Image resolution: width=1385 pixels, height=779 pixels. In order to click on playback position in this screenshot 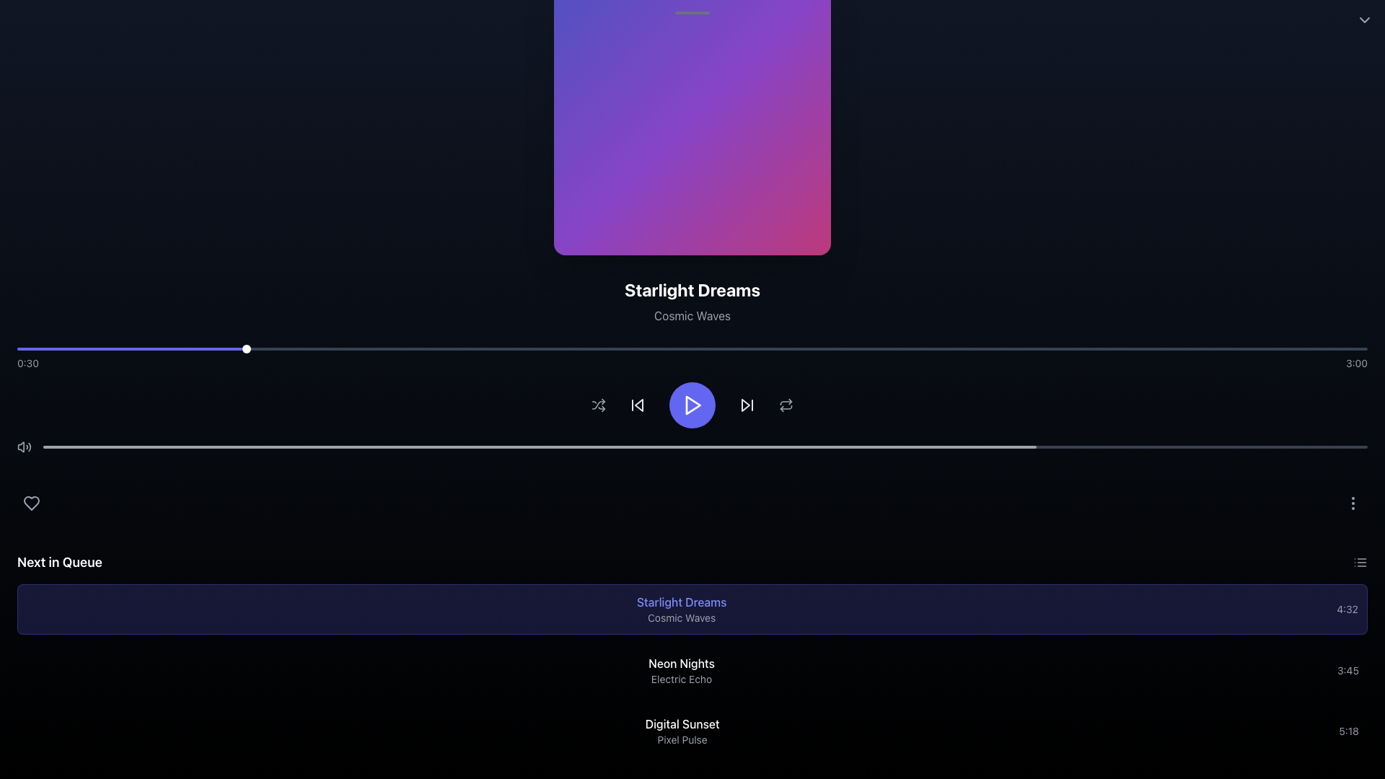, I will do `click(475, 348)`.